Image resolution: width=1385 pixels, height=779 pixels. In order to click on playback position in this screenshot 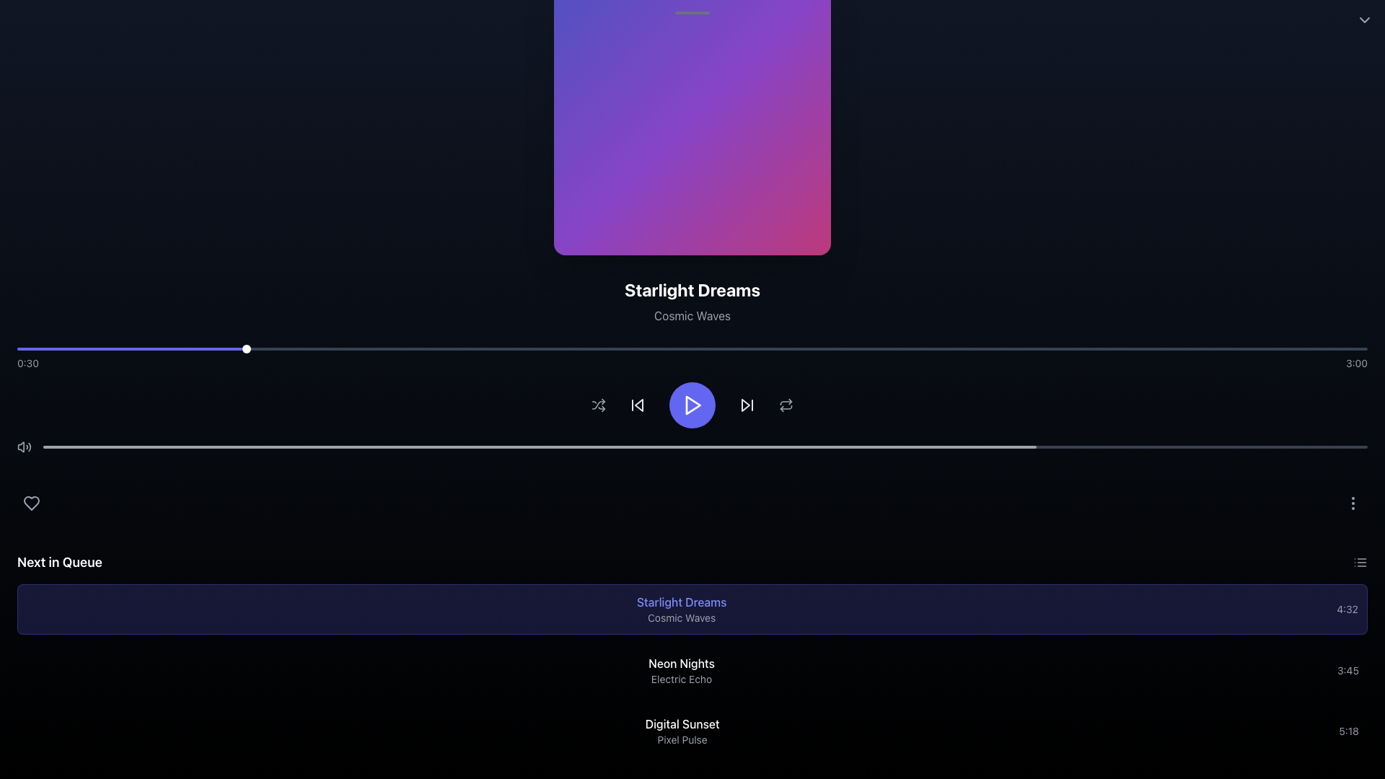, I will do `click(475, 348)`.